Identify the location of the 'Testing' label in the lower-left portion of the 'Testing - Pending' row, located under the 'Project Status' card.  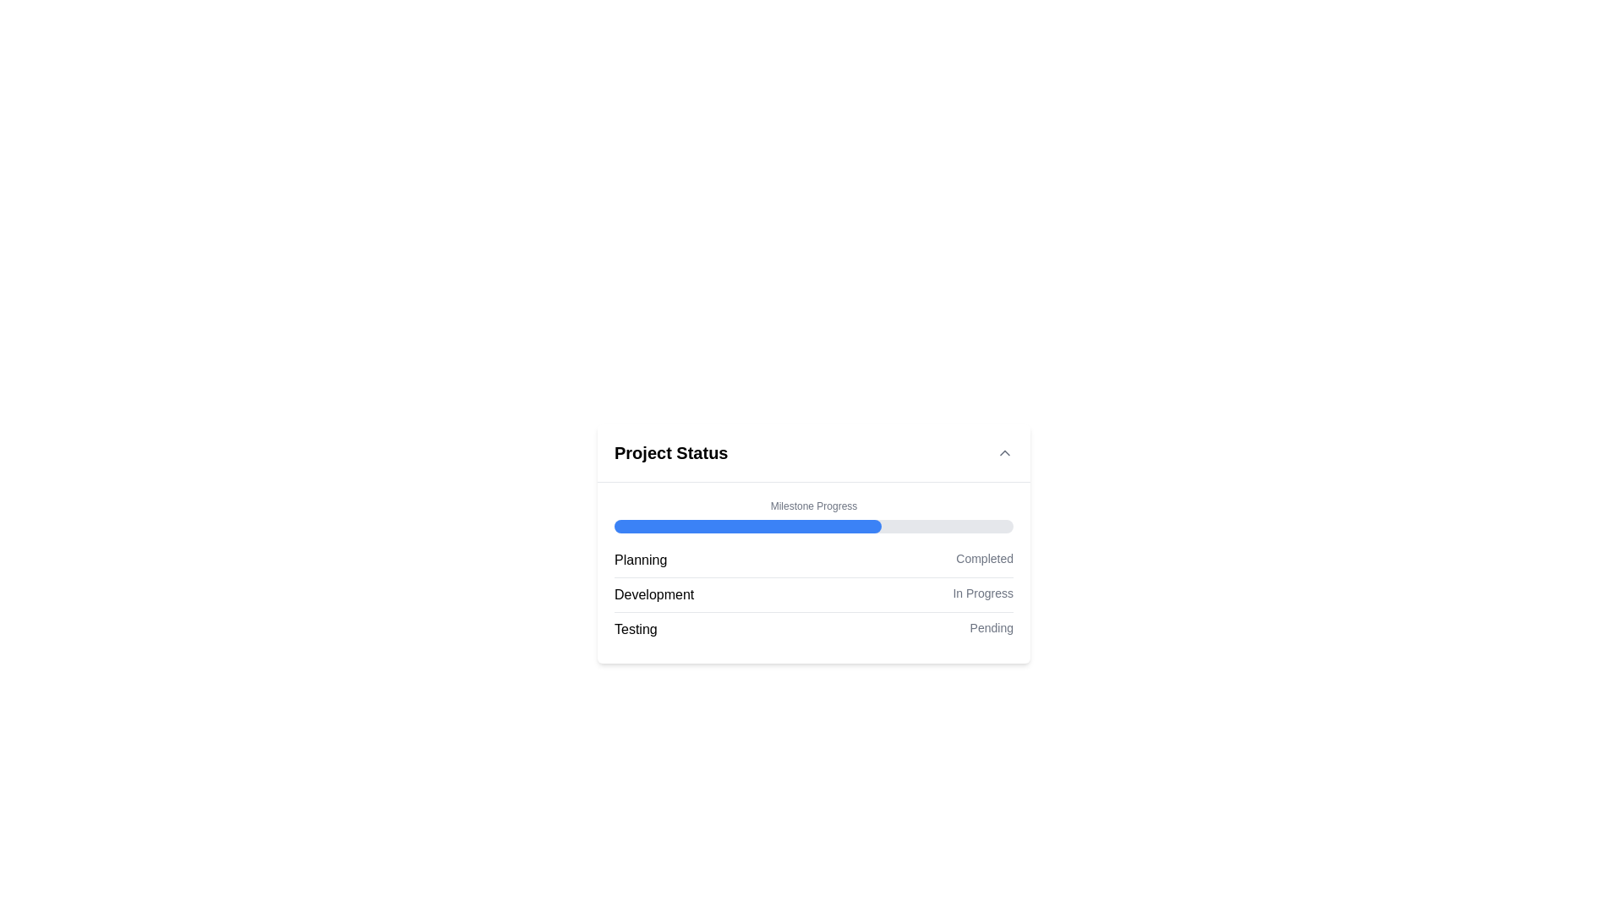
(635, 629).